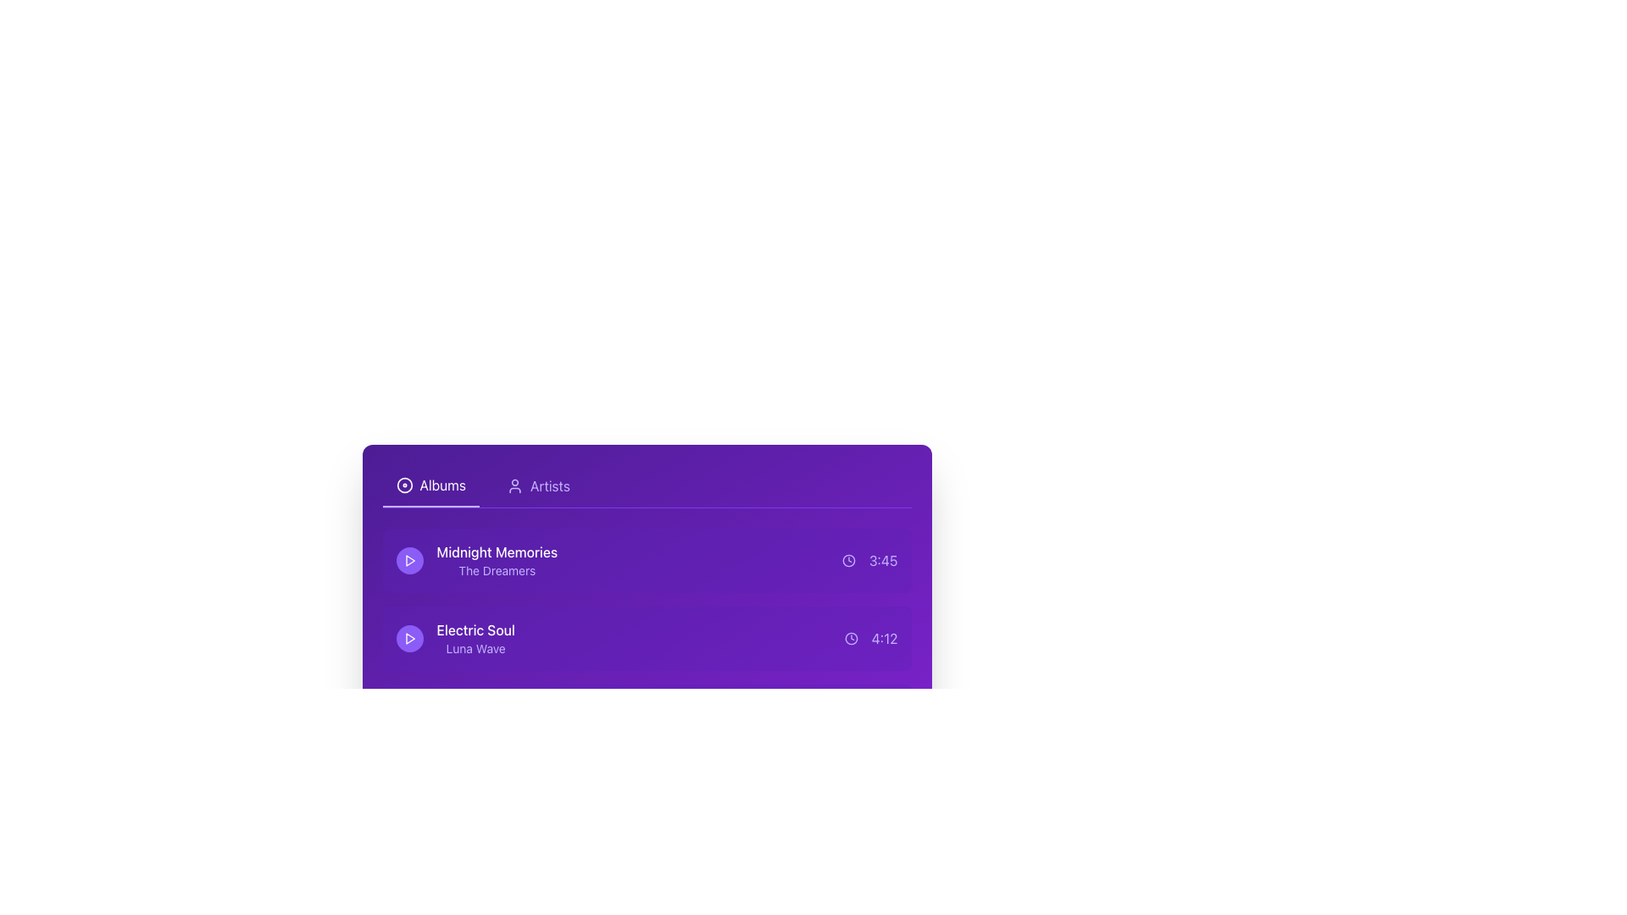 This screenshot has height=915, width=1627. I want to click on the violet clock-shaped icon located to the left of the text '3:45', which is the second item from the top in a visible list, so click(848, 561).